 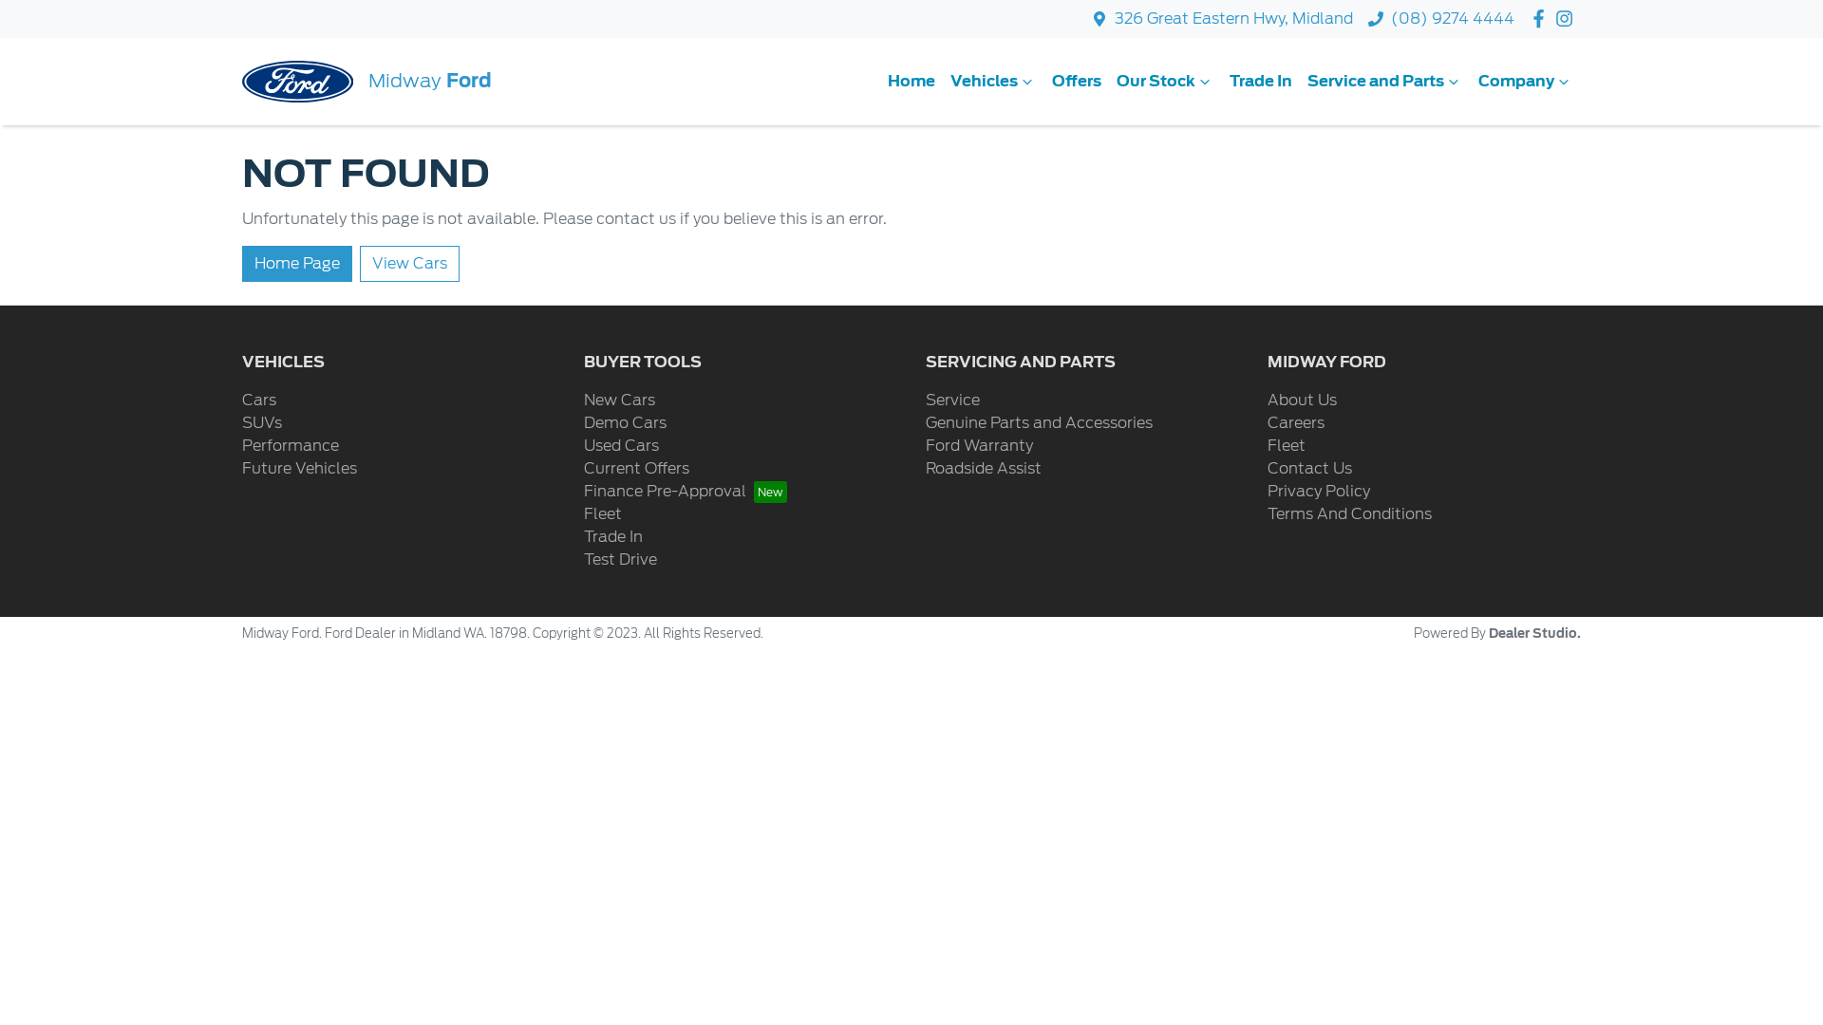 What do you see at coordinates (1076, 80) in the screenshot?
I see `'Offers'` at bounding box center [1076, 80].